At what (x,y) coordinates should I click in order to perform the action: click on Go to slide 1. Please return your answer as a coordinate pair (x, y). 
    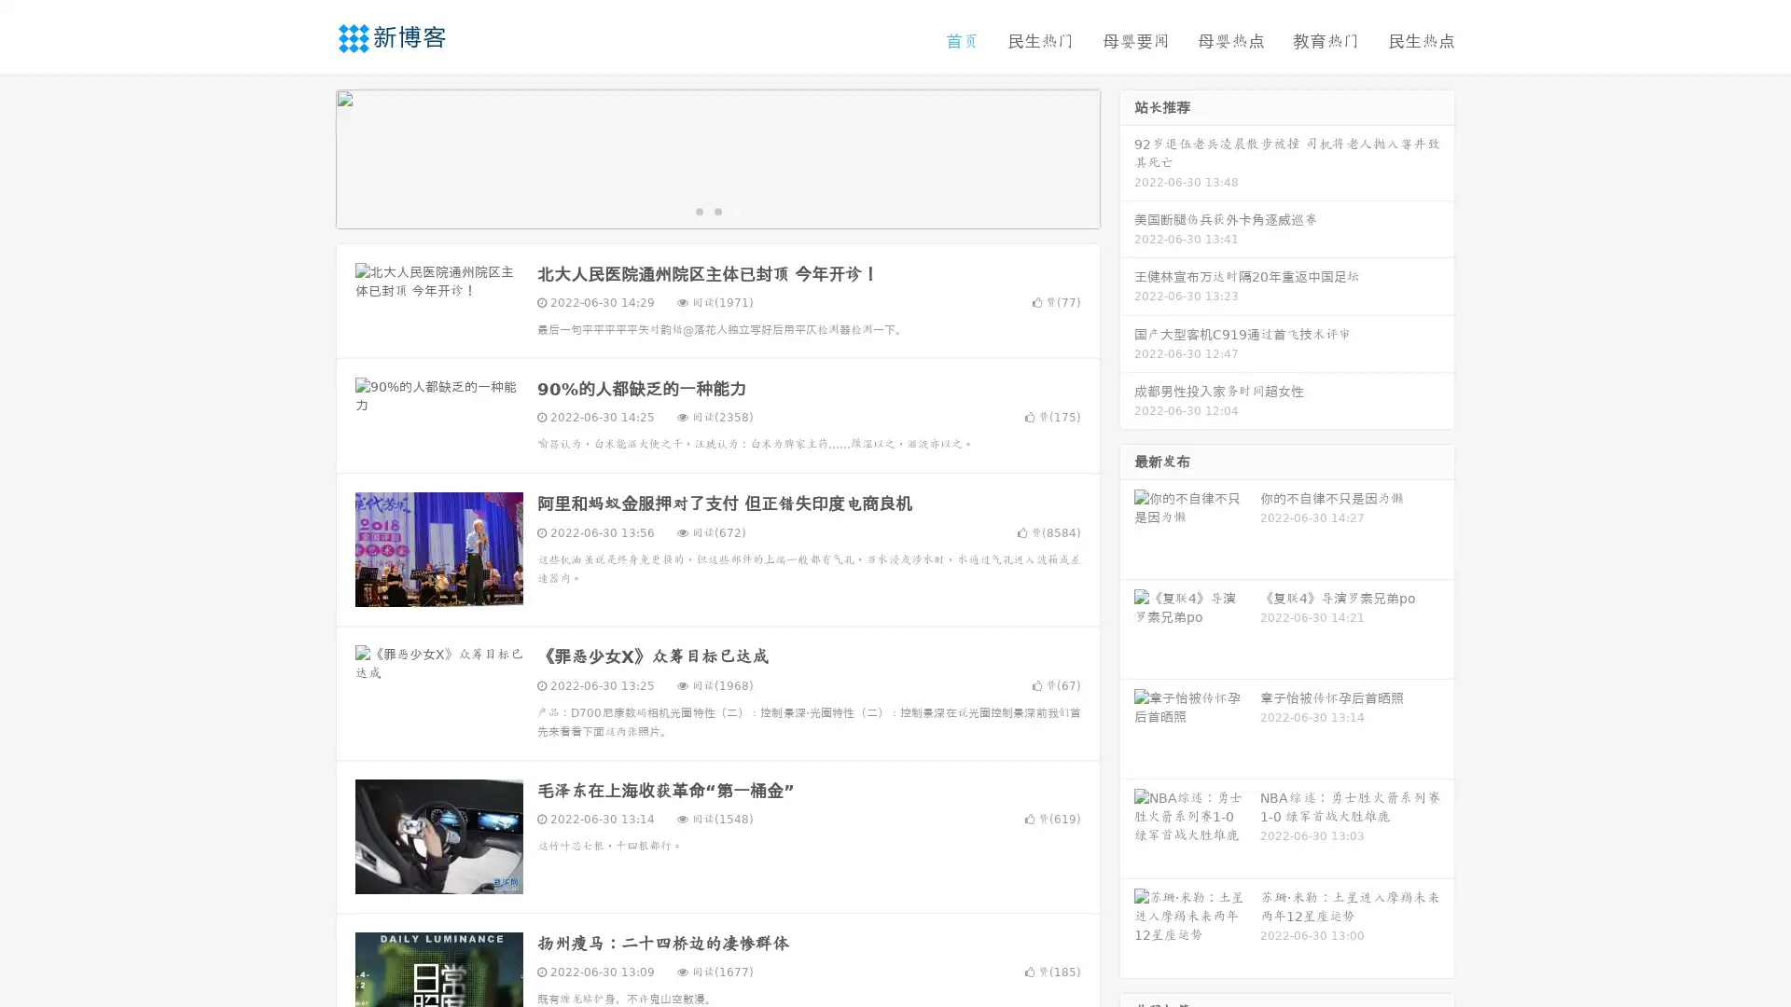
    Looking at the image, I should click on (698, 210).